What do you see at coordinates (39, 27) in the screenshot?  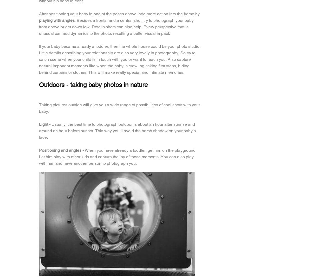 I see `'. Besides a frontal and a central shot, try to photograph your baby from above or get down low. Details shots can also help. Every perspective that is unusual can add dynamics to the photo, resulting a better visual impact.'` at bounding box center [39, 27].